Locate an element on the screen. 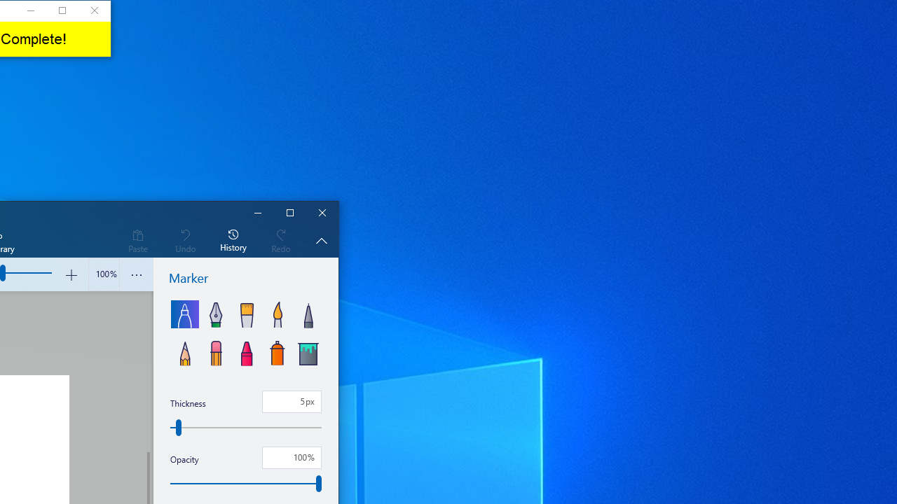 This screenshot has height=504, width=897. 'Undo' is located at coordinates (184, 239).